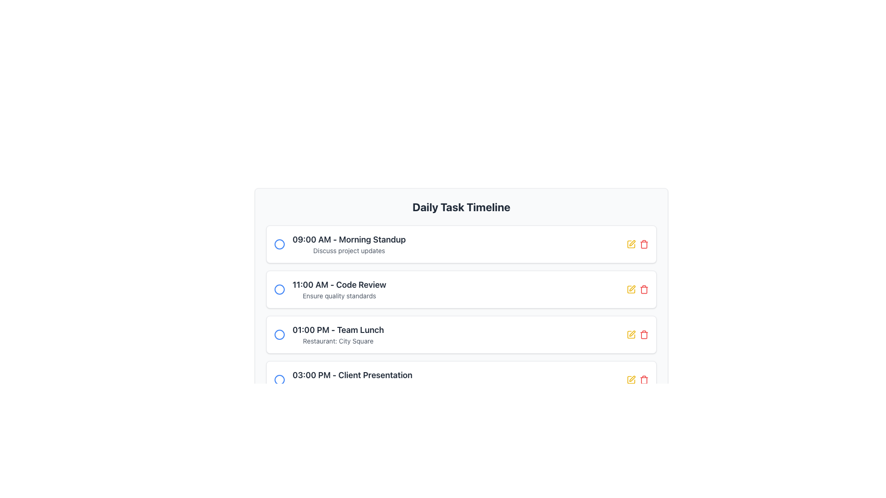 This screenshot has height=498, width=886. What do you see at coordinates (279, 289) in the screenshot?
I see `the SVG graphic circle indicator for the task scheduled at '11:00 AM - Code Review', which is the second occurrence of such an icon in the task list` at bounding box center [279, 289].